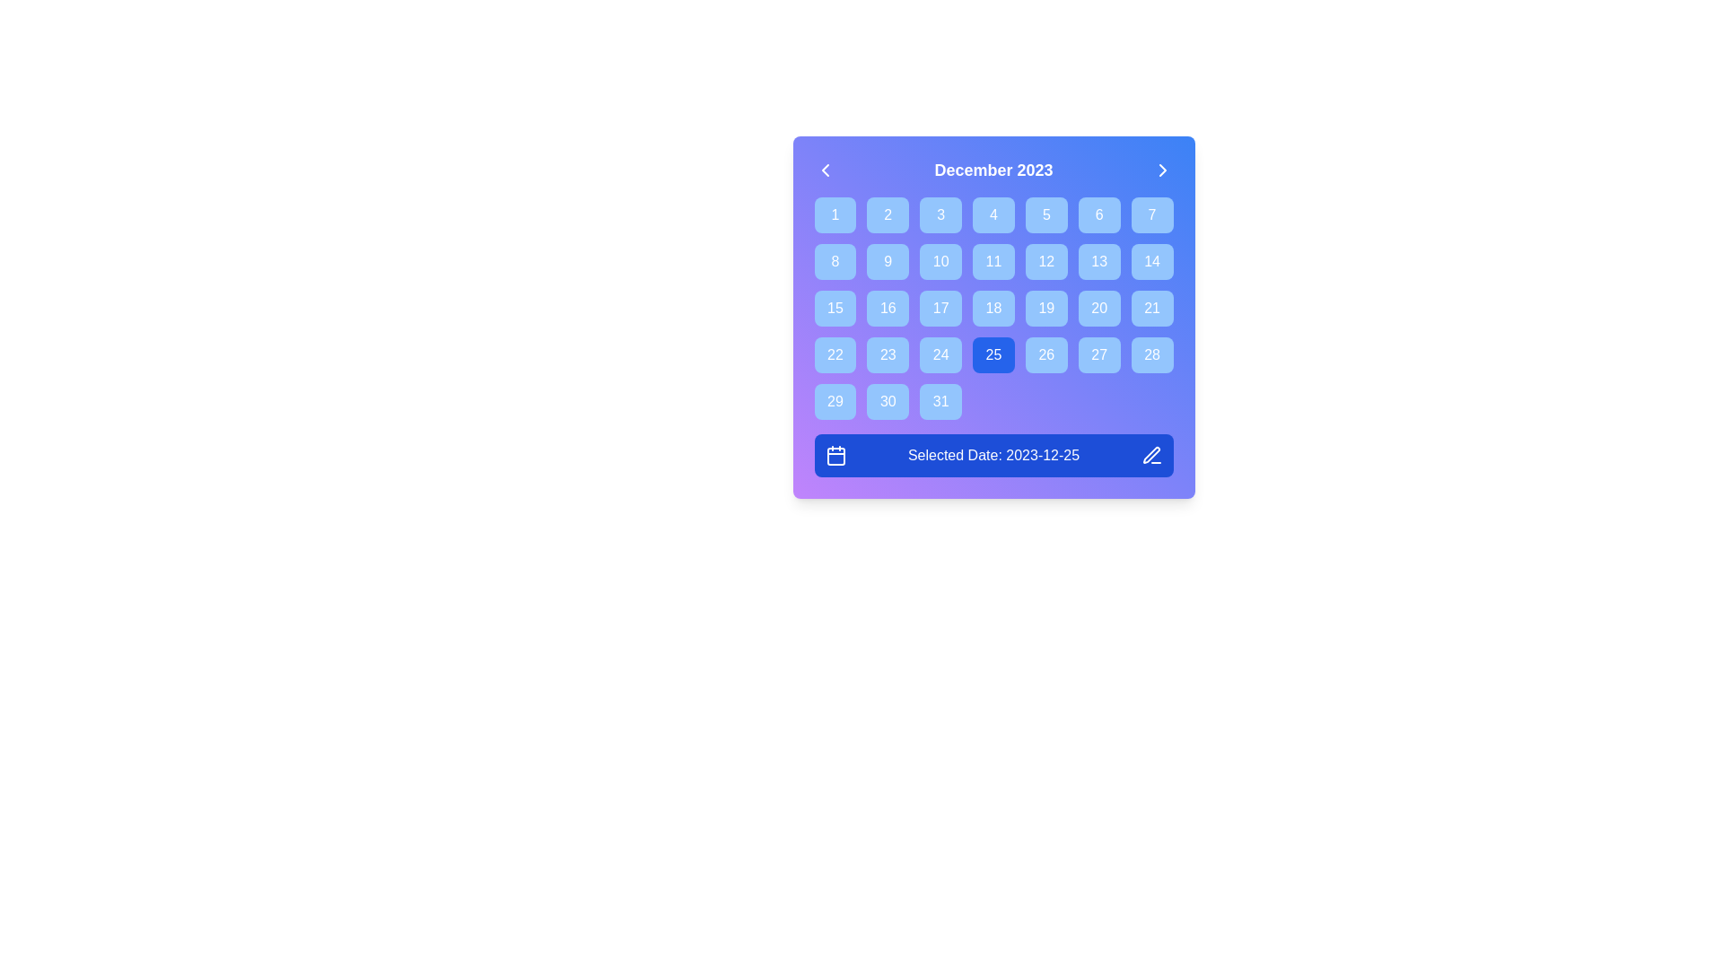 The width and height of the screenshot is (1723, 969). I want to click on the Calendar Day Button displaying the digit '8', which is a light blue rectangular box with rounded corners, located in the second row, first column of the grid, so click(835, 262).